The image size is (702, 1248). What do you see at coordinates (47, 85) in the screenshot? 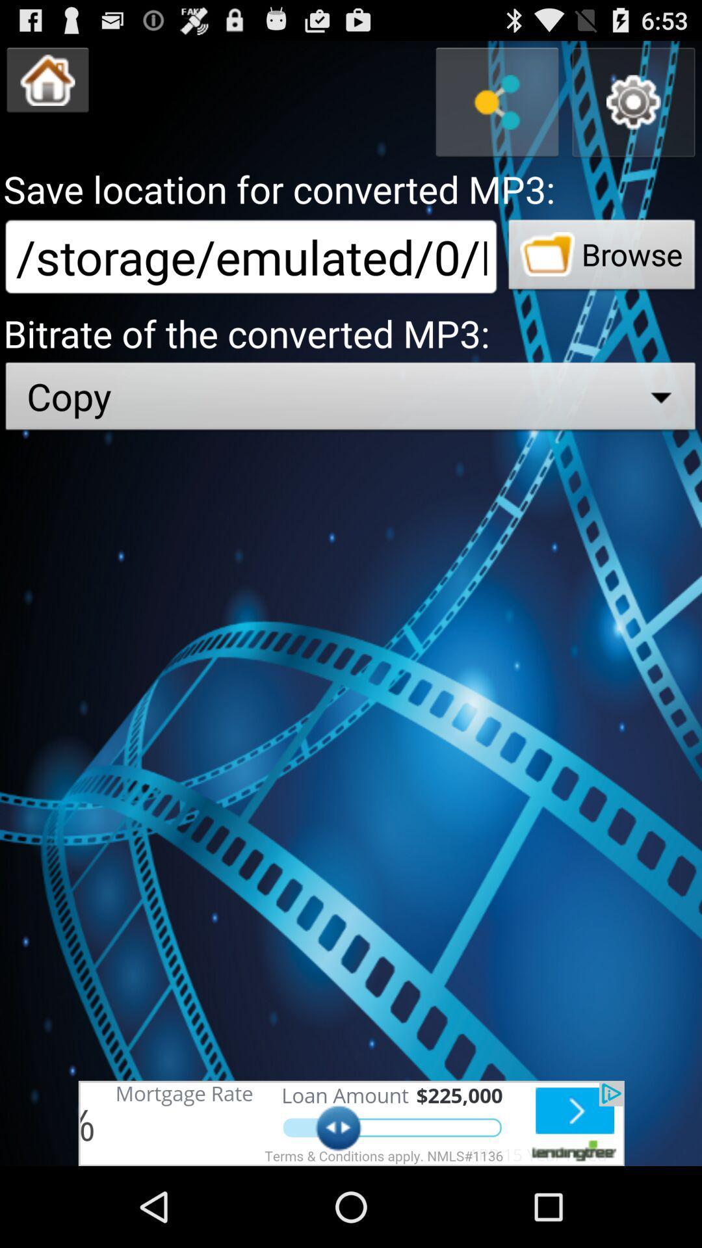
I see `the home icon` at bounding box center [47, 85].